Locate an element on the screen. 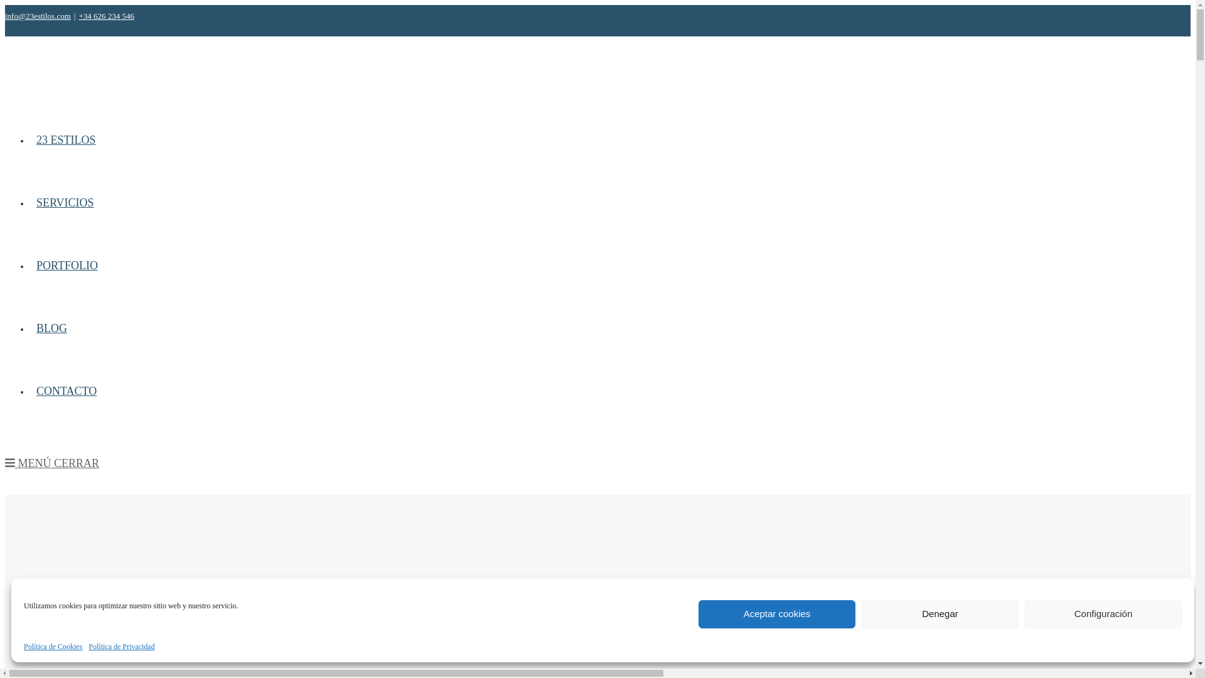  'PORTFOLIO' is located at coordinates (30, 264).